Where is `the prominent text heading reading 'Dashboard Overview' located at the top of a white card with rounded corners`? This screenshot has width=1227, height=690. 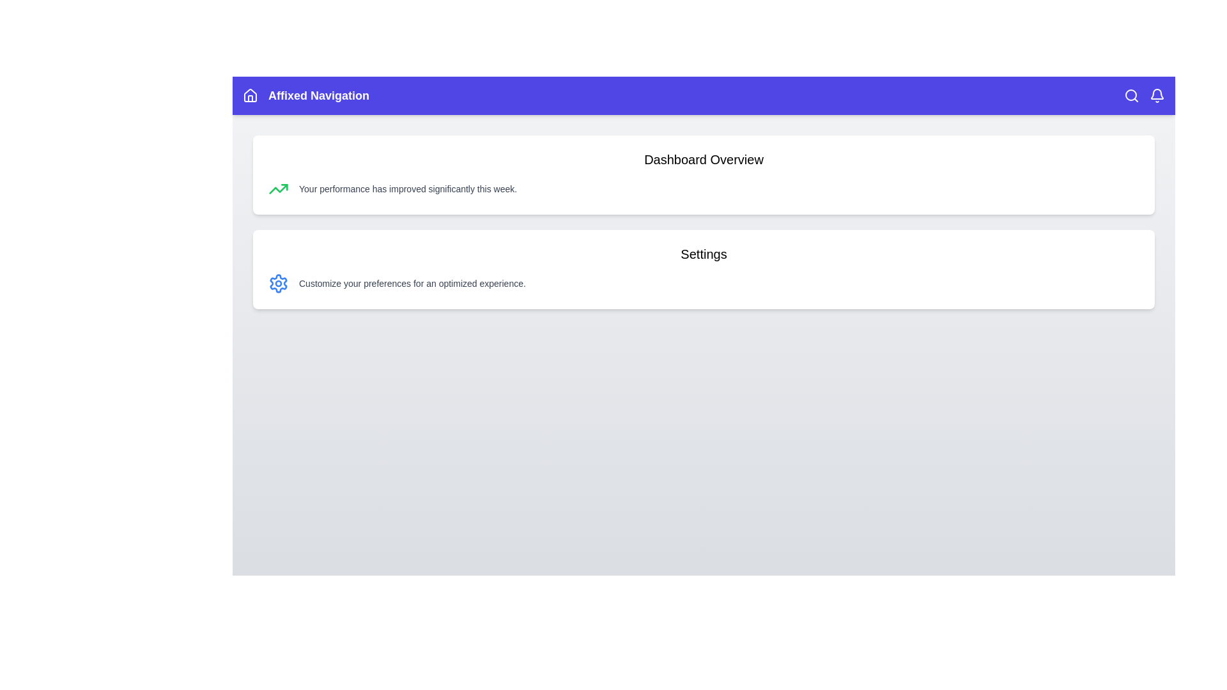 the prominent text heading reading 'Dashboard Overview' located at the top of a white card with rounded corners is located at coordinates (703, 159).